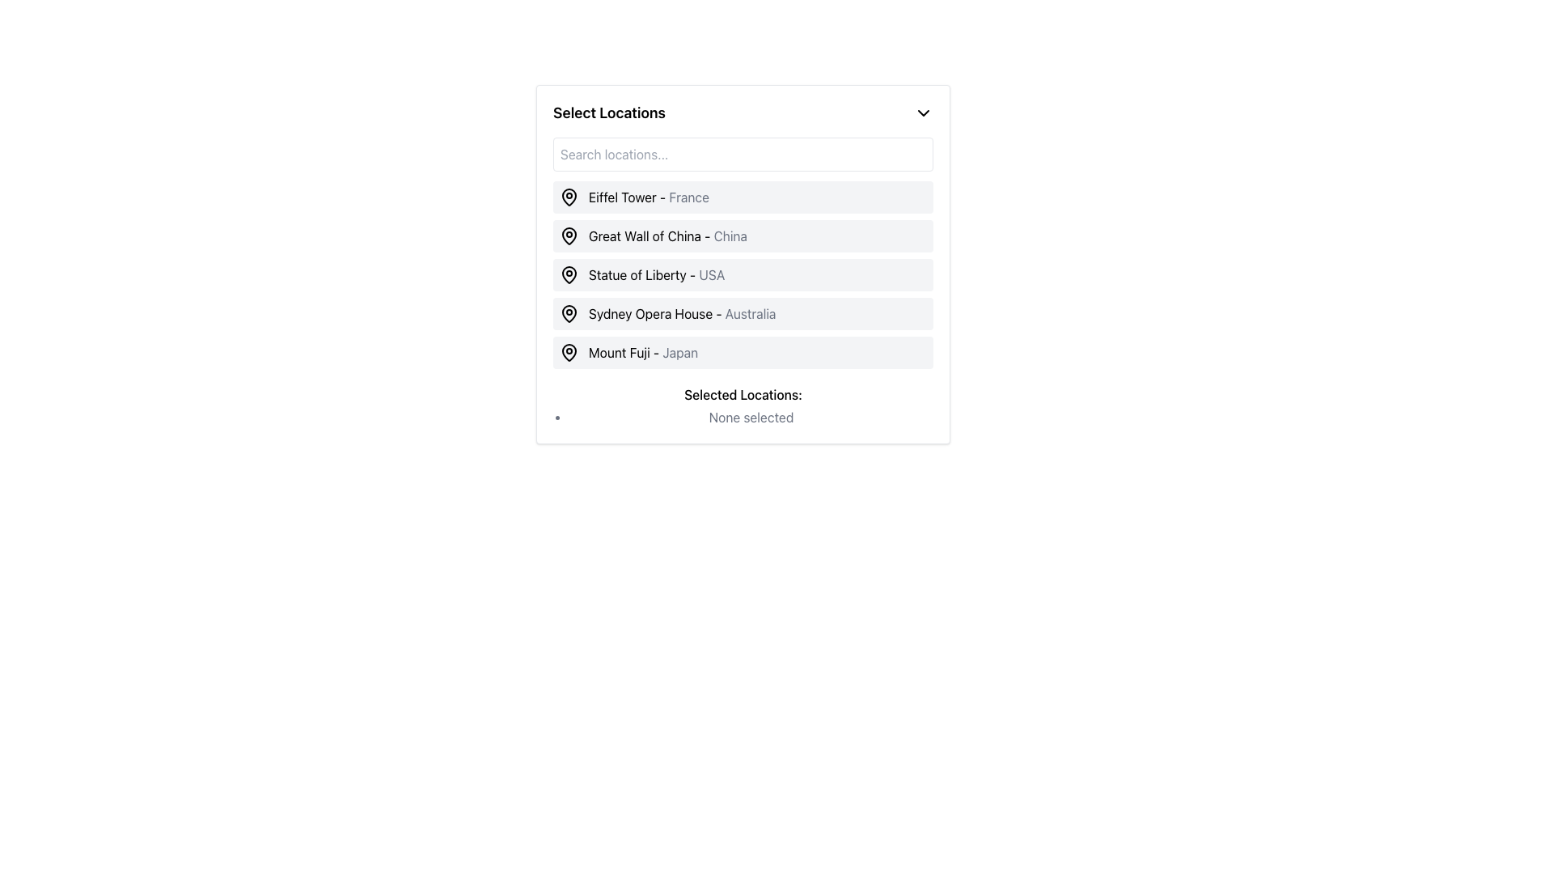  What do you see at coordinates (742, 281) in the screenshot?
I see `the List item in the 'Select Locations' dropdown` at bounding box center [742, 281].